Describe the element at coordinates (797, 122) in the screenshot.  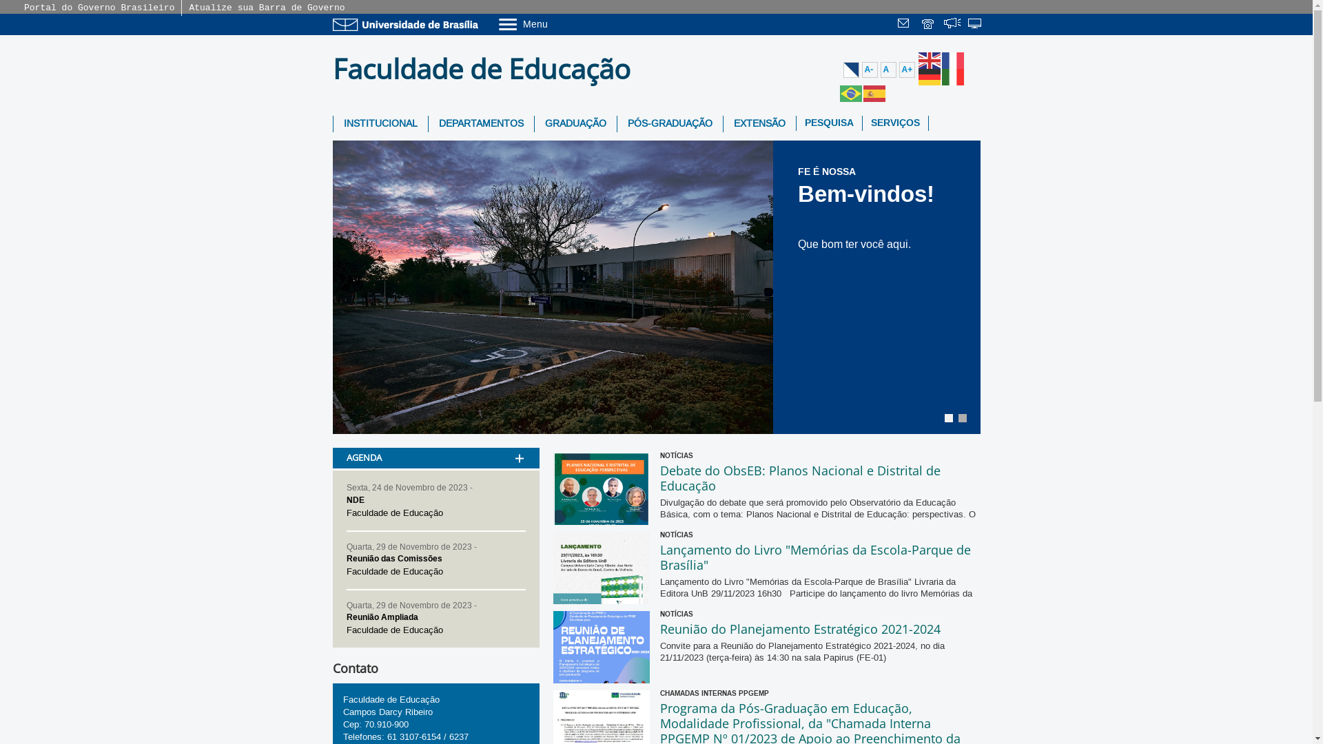
I see `'PESQUISA'` at that location.